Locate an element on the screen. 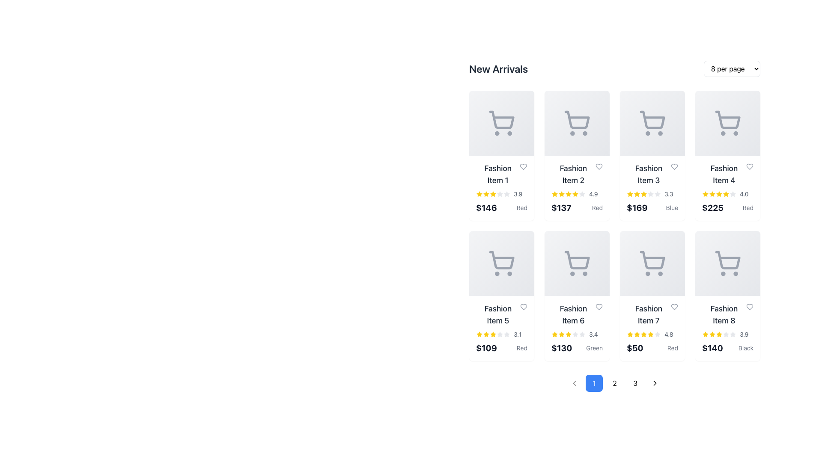 This screenshot has width=822, height=462. the fifth star icon in the 5-star rating system located at the lower-right corner of the product card labeled 'Fashion Item 7', directly beneath the text label '4.8' is located at coordinates (643, 334).